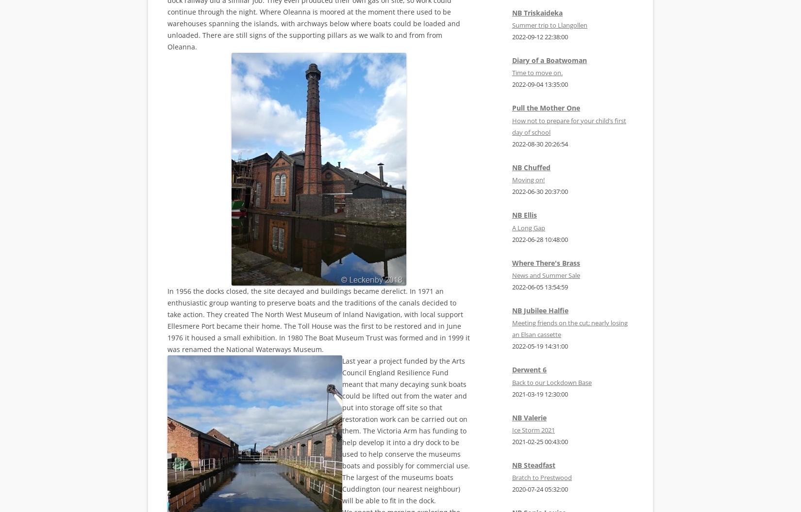 This screenshot has width=801, height=512. Describe the element at coordinates (537, 12) in the screenshot. I see `'NB Triskaideka'` at that location.